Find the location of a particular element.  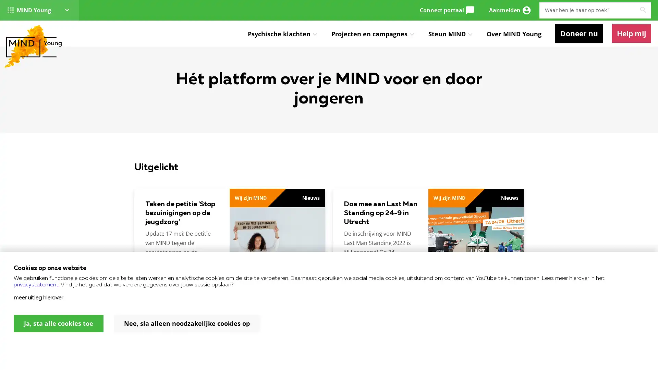

Nee, sla alleen noodzakelijke cookies op is located at coordinates (187, 323).